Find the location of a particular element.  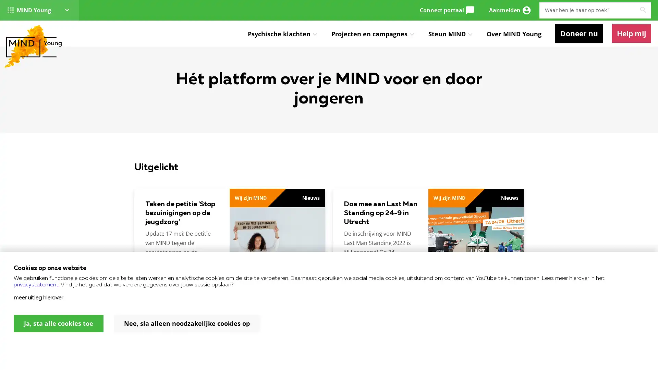

Nee, sla alleen noodzakelijke cookies op is located at coordinates (187, 323).